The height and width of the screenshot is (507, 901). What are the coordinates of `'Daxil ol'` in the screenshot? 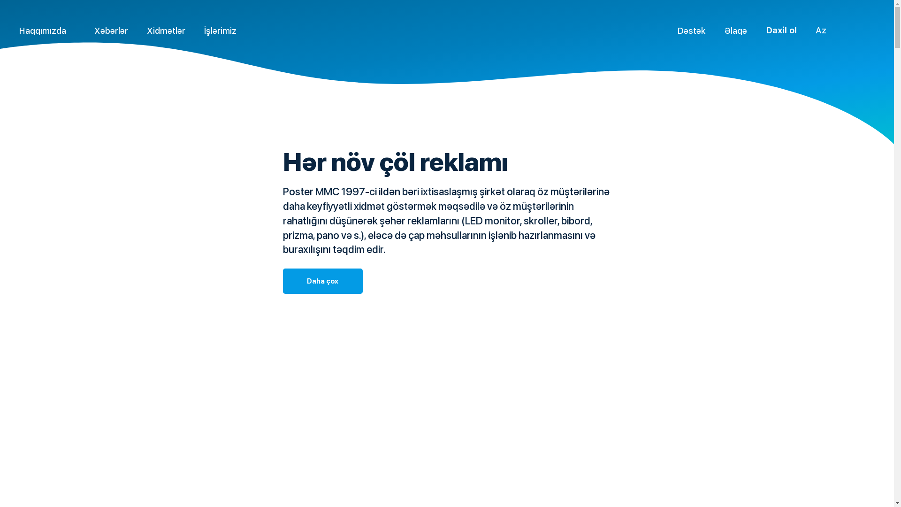 It's located at (781, 30).